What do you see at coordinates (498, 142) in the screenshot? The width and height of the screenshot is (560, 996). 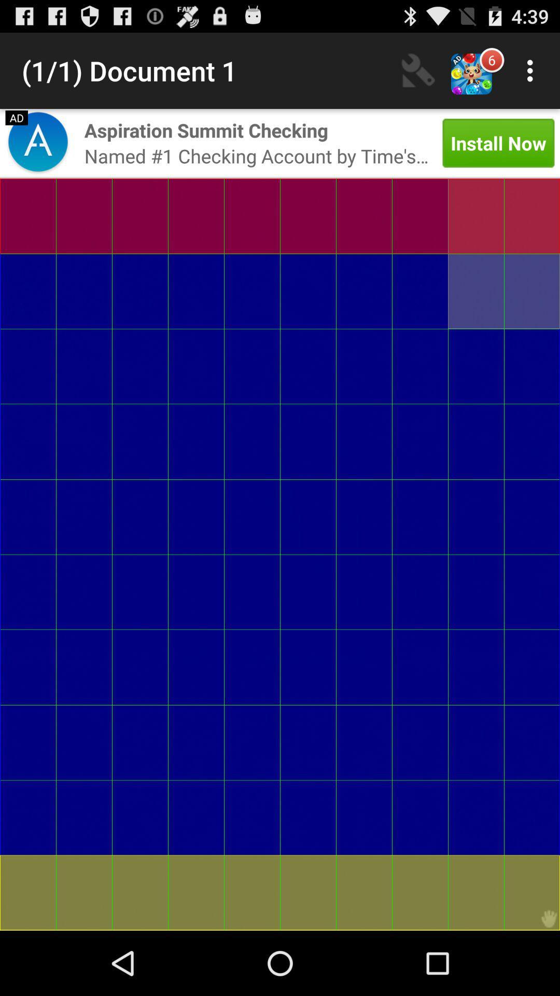 I see `the app to the right of named 1 checking item` at bounding box center [498, 142].